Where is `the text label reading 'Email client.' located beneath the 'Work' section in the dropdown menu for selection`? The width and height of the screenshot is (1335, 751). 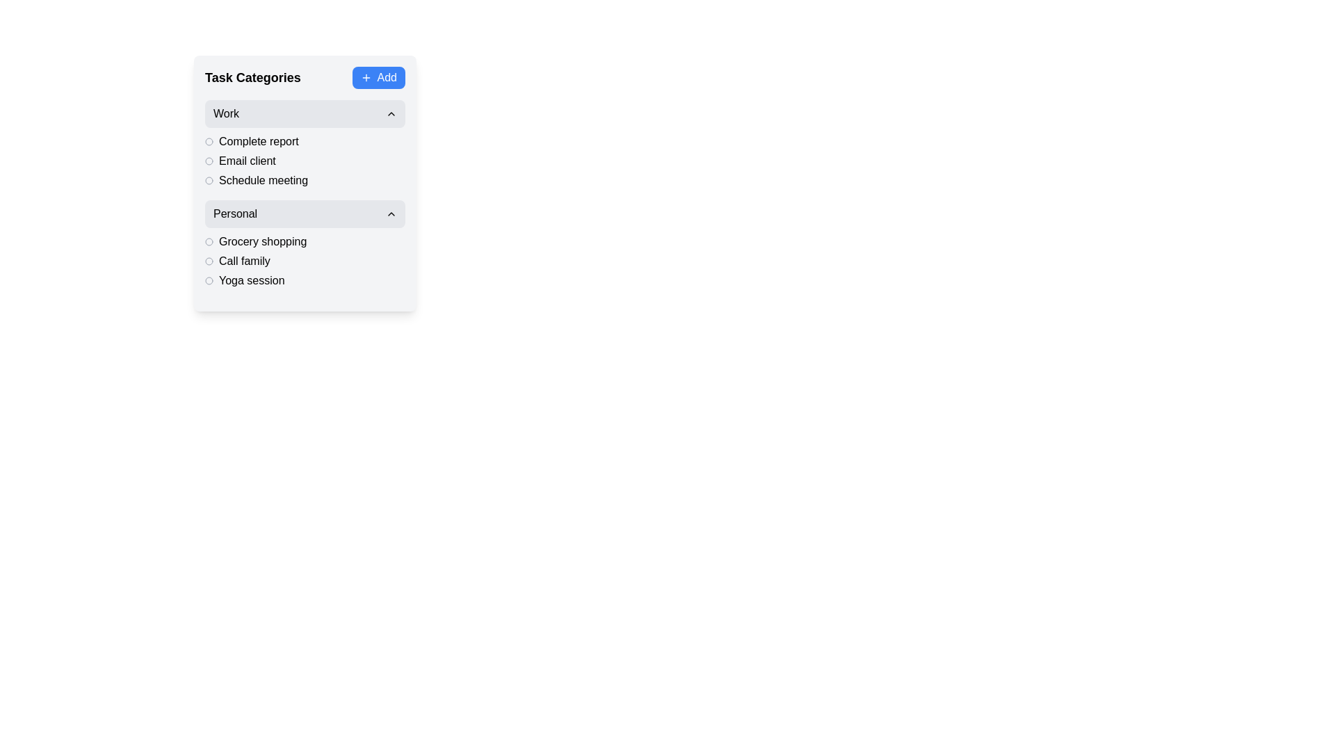
the text label reading 'Email client.' located beneath the 'Work' section in the dropdown menu for selection is located at coordinates (247, 160).